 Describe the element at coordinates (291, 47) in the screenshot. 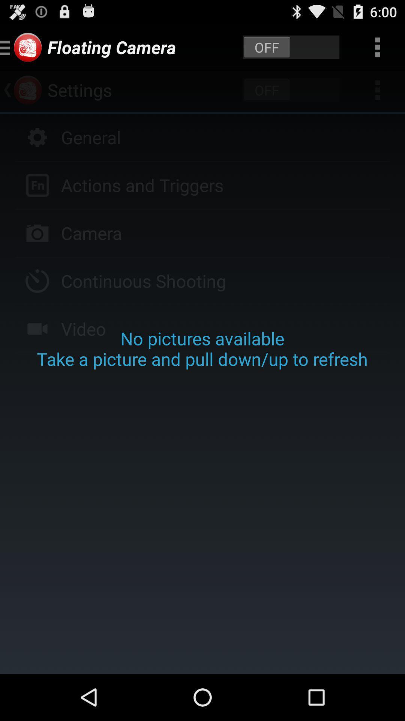

I see `on and off` at that location.